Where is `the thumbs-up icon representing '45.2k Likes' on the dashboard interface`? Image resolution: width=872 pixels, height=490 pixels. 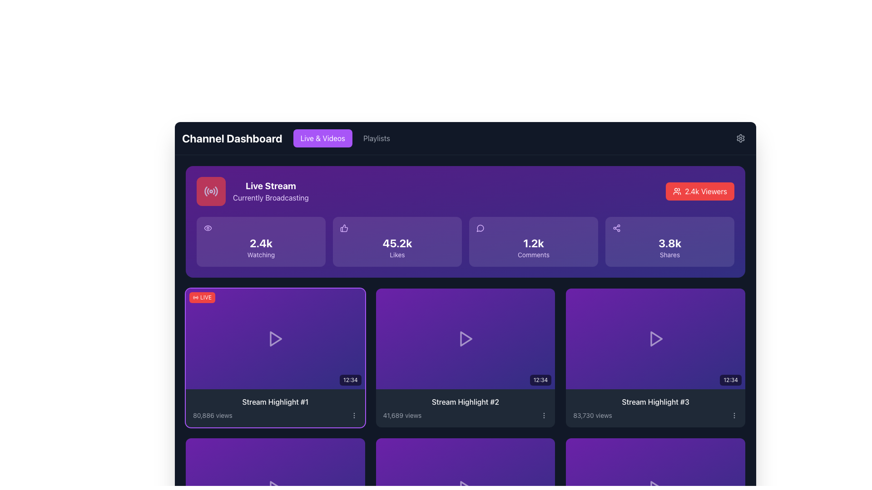 the thumbs-up icon representing '45.2k Likes' on the dashboard interface is located at coordinates (344, 227).